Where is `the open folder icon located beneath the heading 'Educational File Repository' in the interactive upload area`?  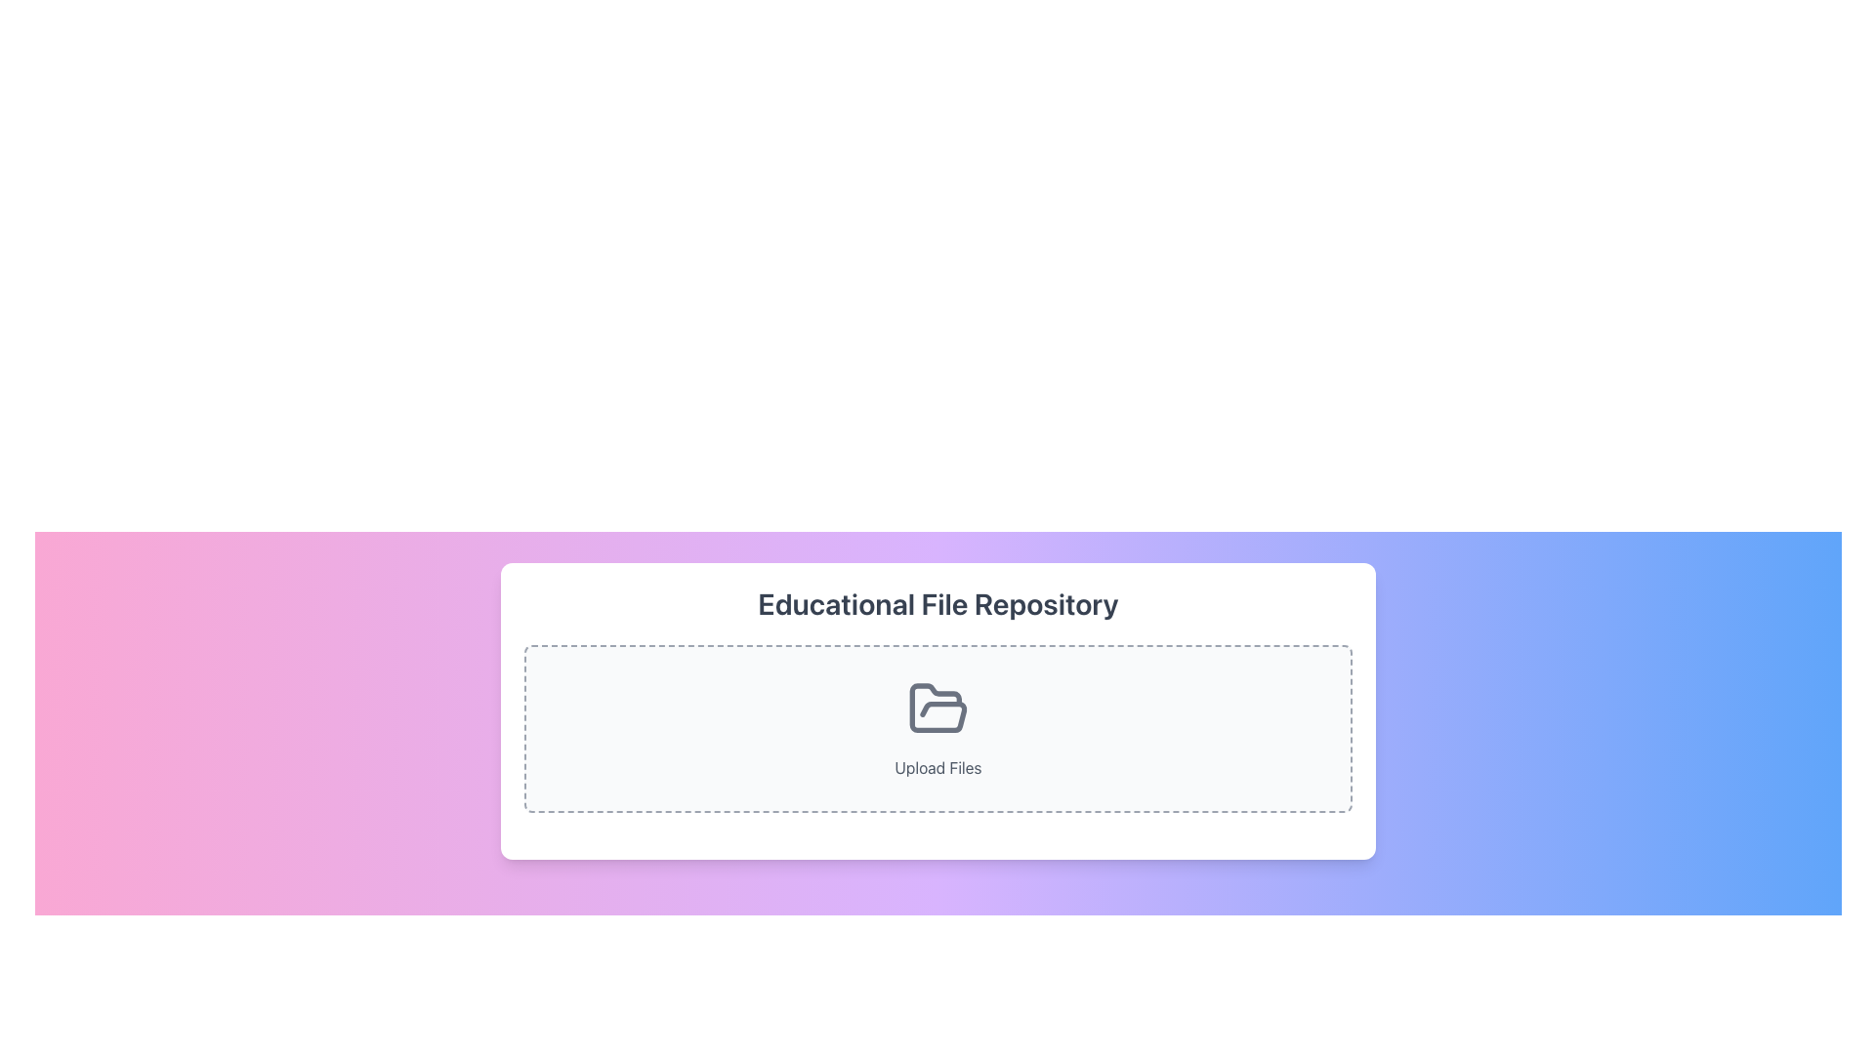 the open folder icon located beneath the heading 'Educational File Repository' in the interactive upload area is located at coordinates (937, 708).